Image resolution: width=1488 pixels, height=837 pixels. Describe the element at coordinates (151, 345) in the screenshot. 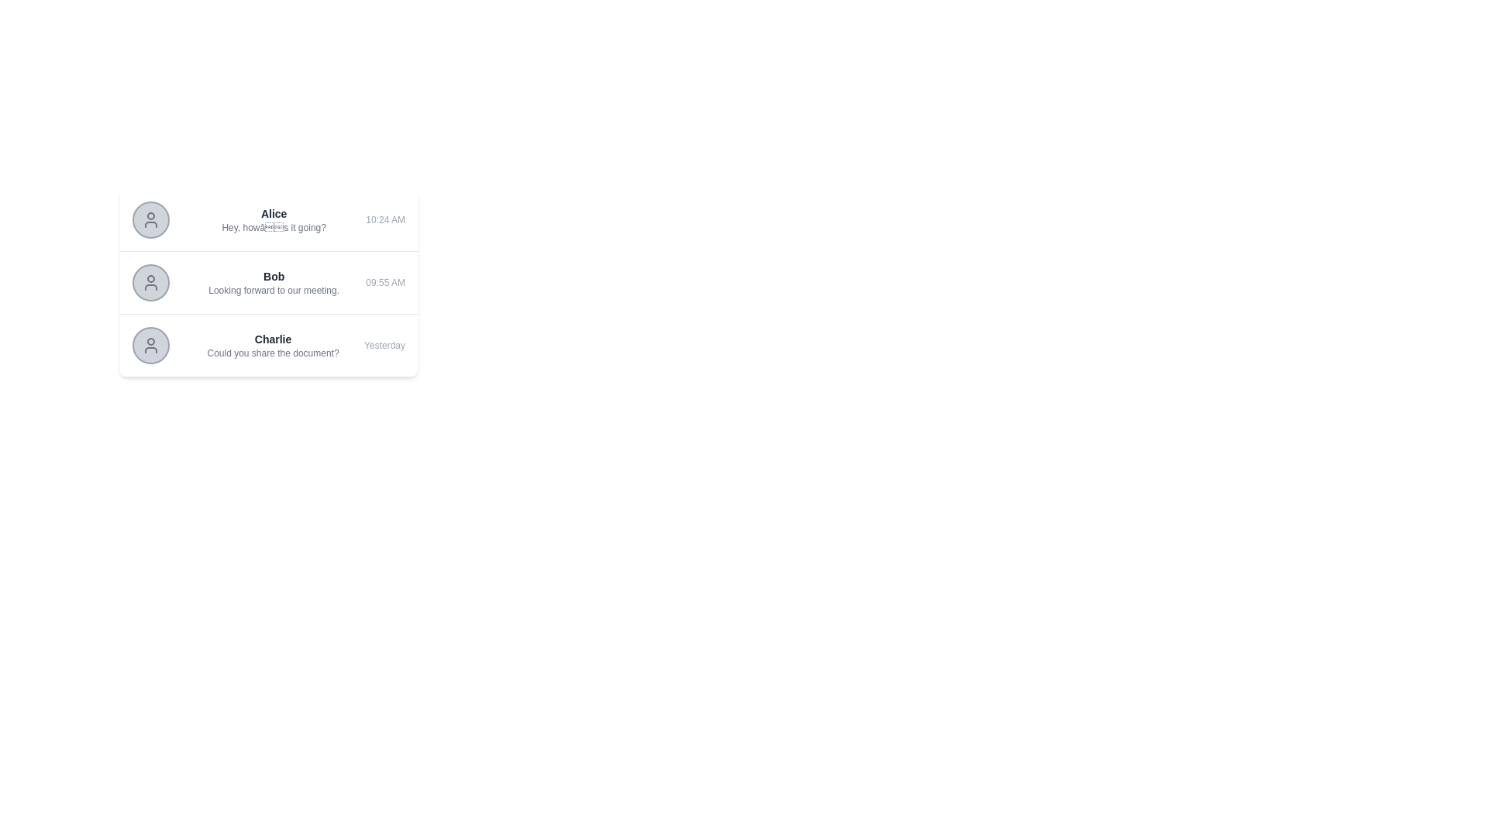

I see `the User Avatar Icon representing the user 'Charlie' in the chat interface, located at the leftmost part of the conversation snippet row` at that location.